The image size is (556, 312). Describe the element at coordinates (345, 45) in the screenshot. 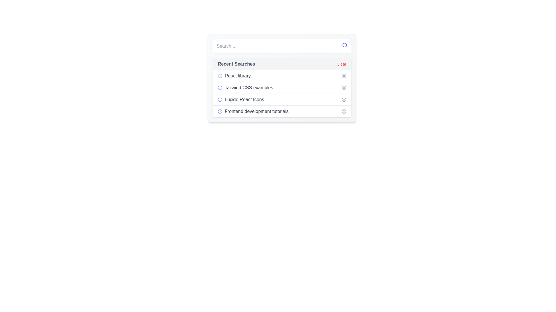

I see `the decorative SVG circle element that forms the lens of the magnifying glass icon located at the top-right corner of the search bar section` at that location.